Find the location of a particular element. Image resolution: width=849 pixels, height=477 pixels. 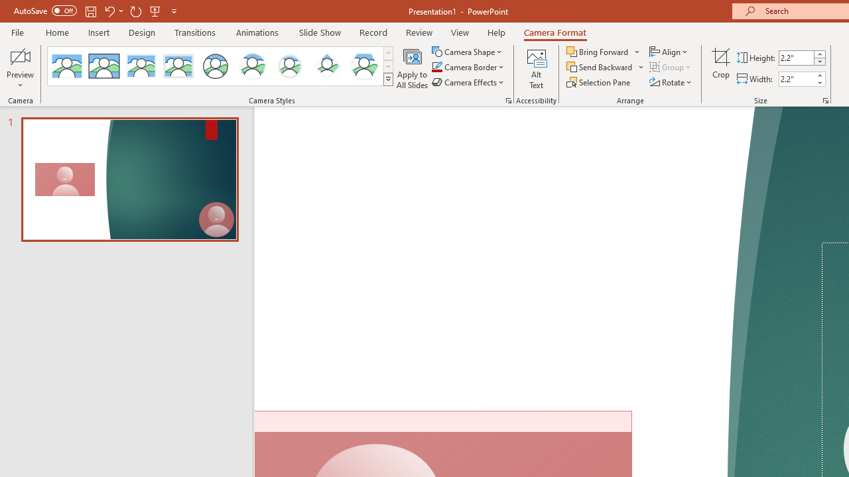

'Selection Pane...' is located at coordinates (599, 82).